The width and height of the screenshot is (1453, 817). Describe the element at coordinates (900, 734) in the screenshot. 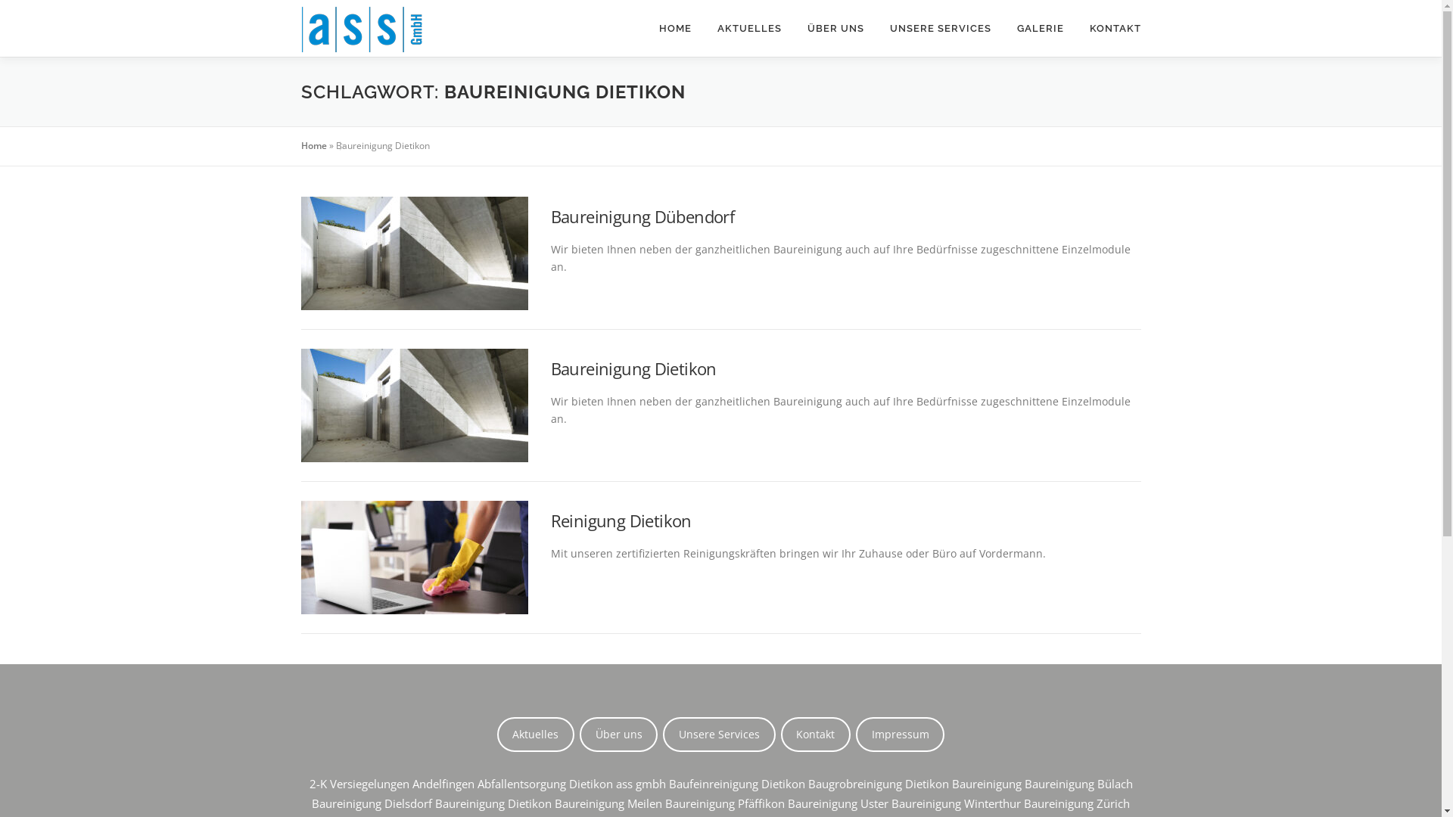

I see `'Impressum'` at that location.